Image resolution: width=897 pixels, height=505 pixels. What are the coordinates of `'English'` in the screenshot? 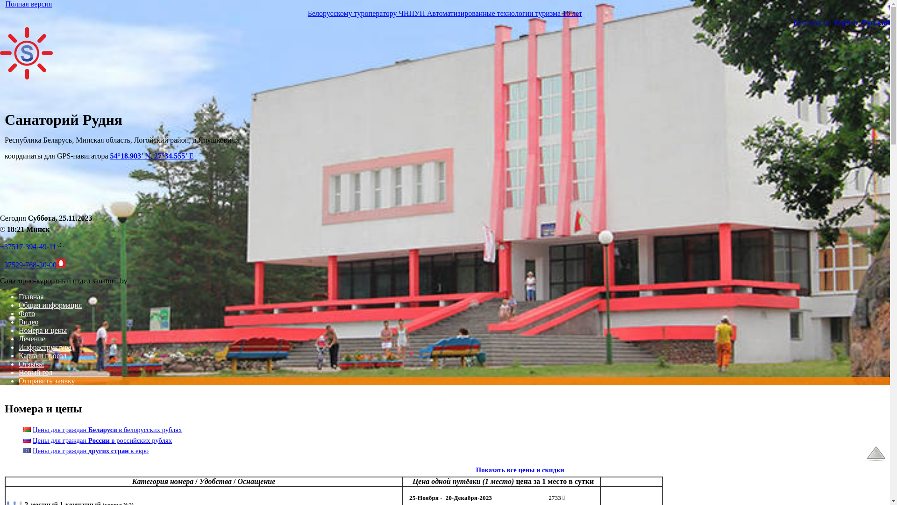 It's located at (834, 22).